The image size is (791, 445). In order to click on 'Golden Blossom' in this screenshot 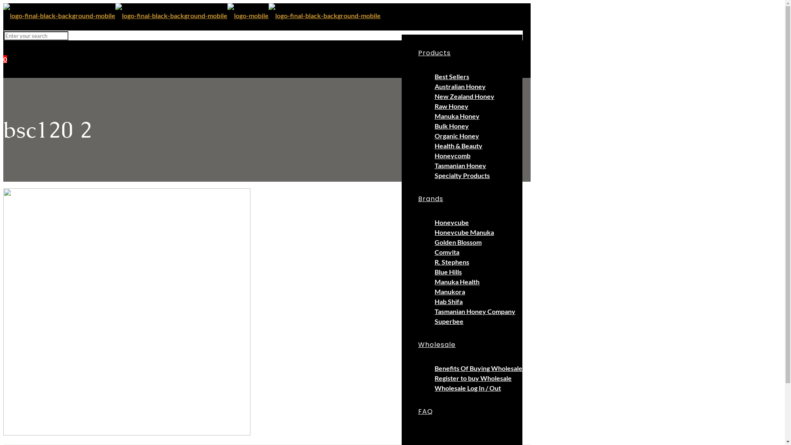, I will do `click(458, 241)`.